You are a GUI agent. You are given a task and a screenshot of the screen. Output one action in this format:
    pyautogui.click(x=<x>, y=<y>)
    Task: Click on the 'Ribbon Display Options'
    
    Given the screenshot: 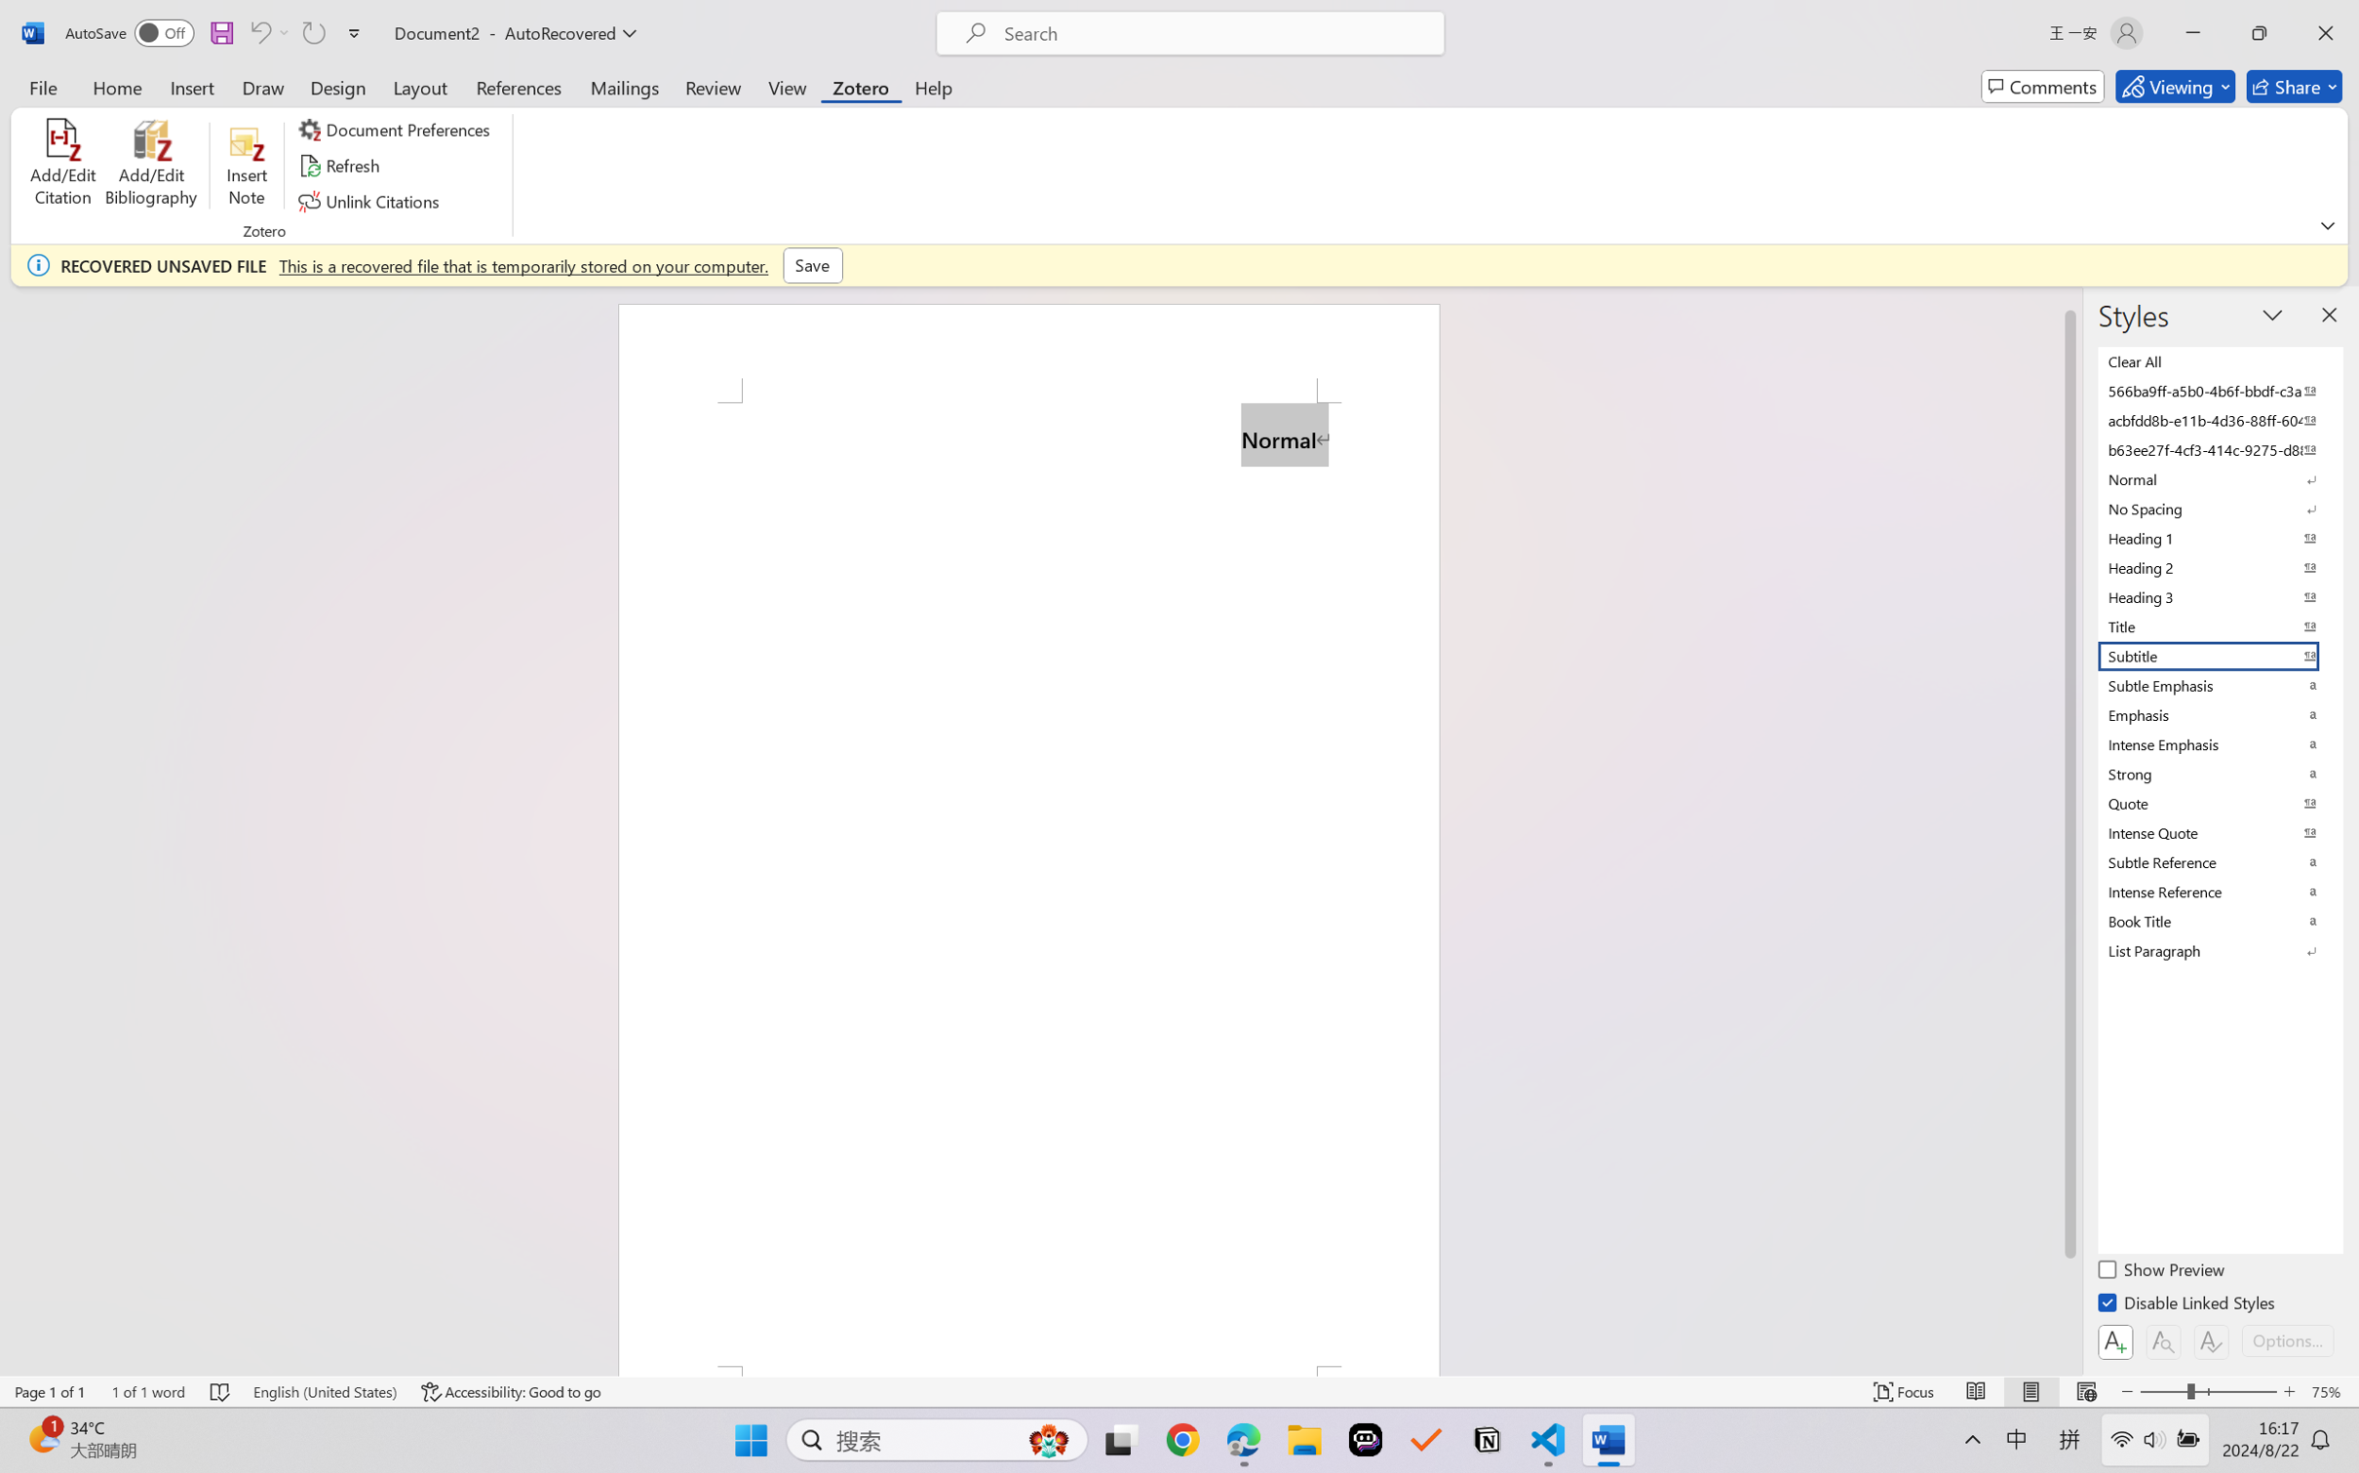 What is the action you would take?
    pyautogui.click(x=2327, y=225)
    